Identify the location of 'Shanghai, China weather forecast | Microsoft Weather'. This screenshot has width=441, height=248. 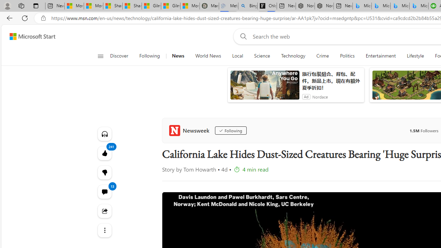
(132, 6).